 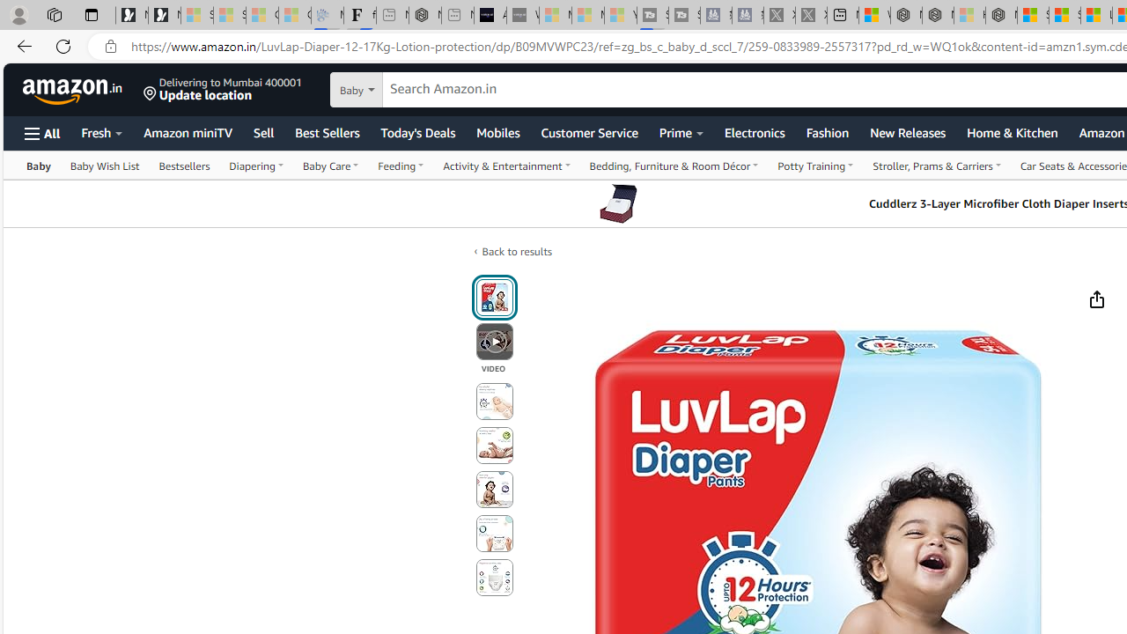 What do you see at coordinates (555, 15) in the screenshot?
I see `'Microsoft Start Sports - Sleeping'` at bounding box center [555, 15].